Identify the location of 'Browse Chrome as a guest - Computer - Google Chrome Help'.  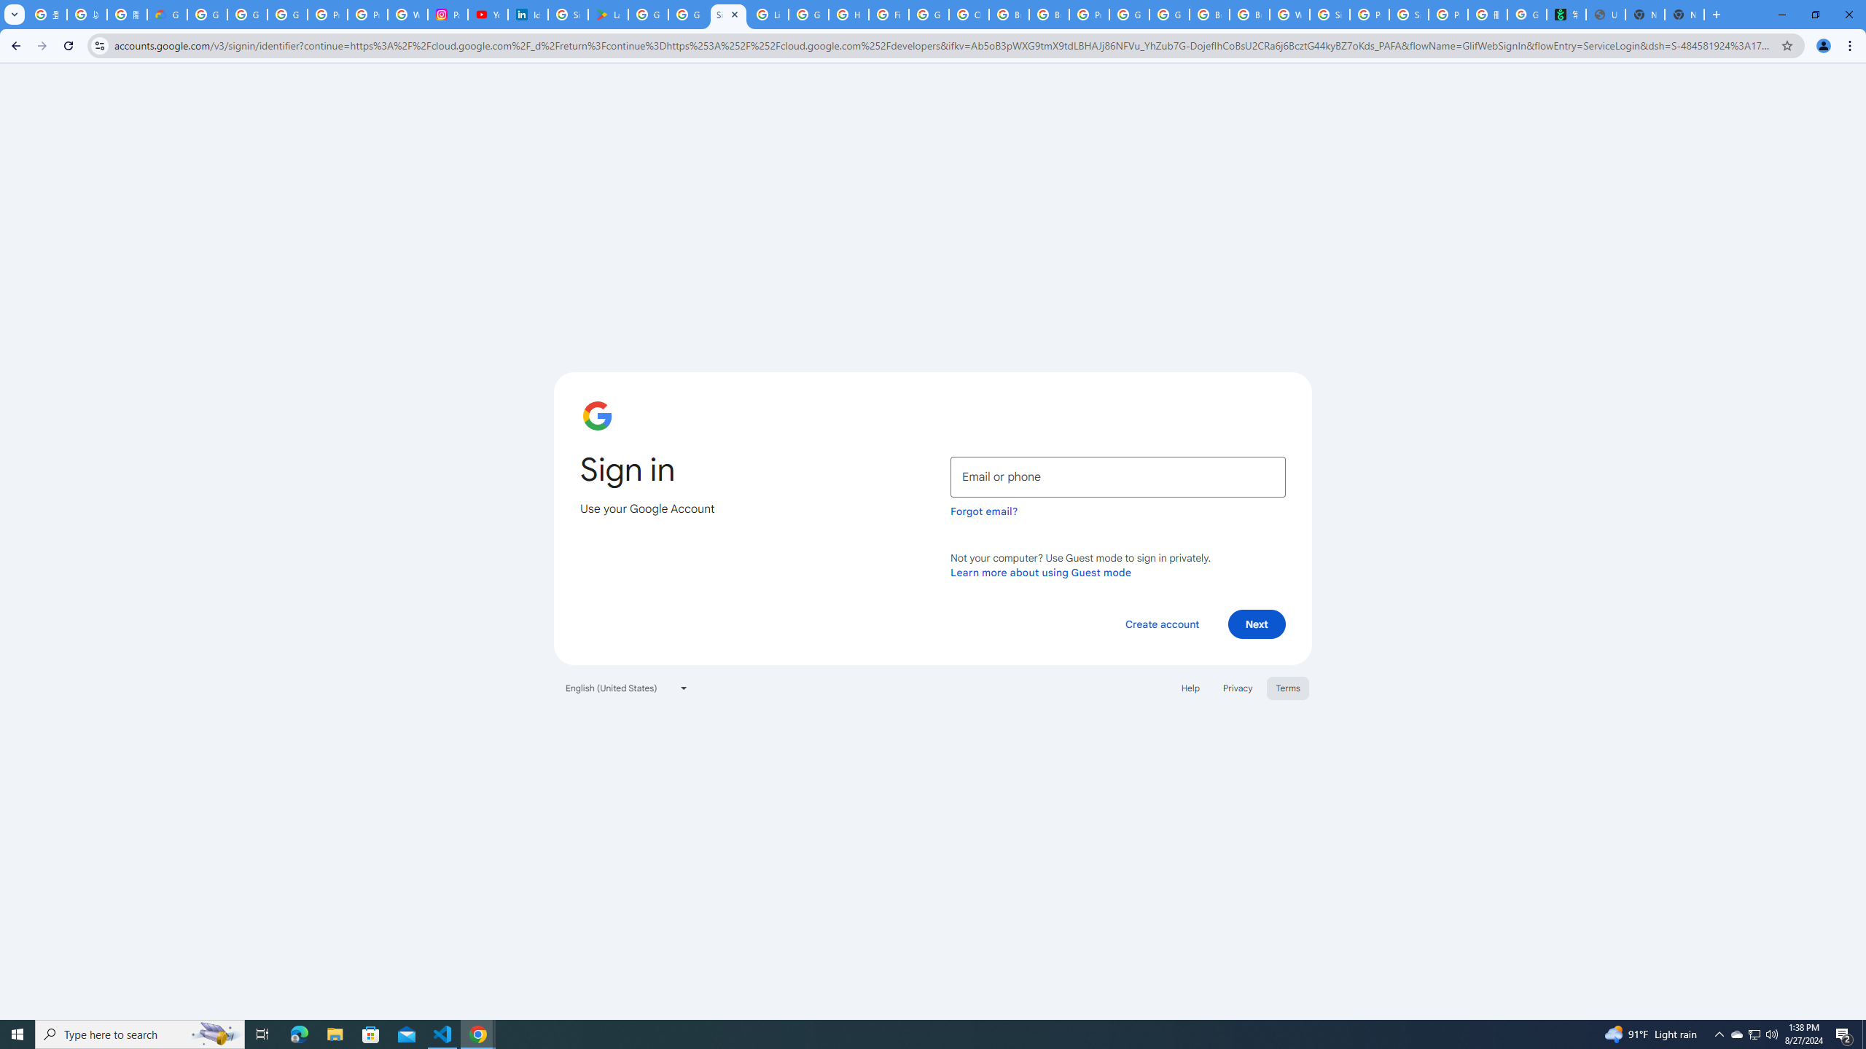
(1049, 14).